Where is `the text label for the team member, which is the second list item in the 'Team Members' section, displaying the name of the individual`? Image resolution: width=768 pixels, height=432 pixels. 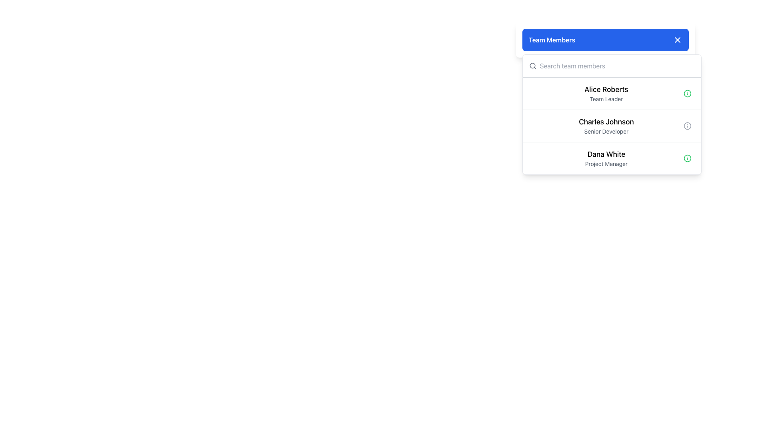
the text label for the team member, which is the second list item in the 'Team Members' section, displaying the name of the individual is located at coordinates (606, 122).